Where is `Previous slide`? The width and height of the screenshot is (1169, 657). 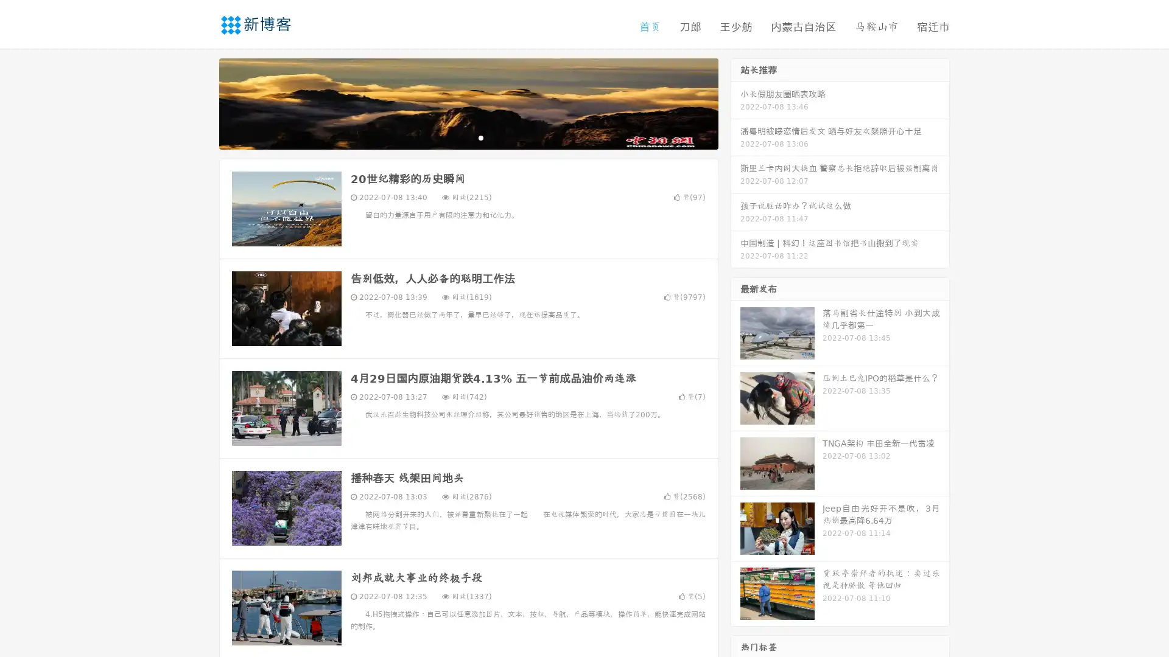 Previous slide is located at coordinates (201, 102).